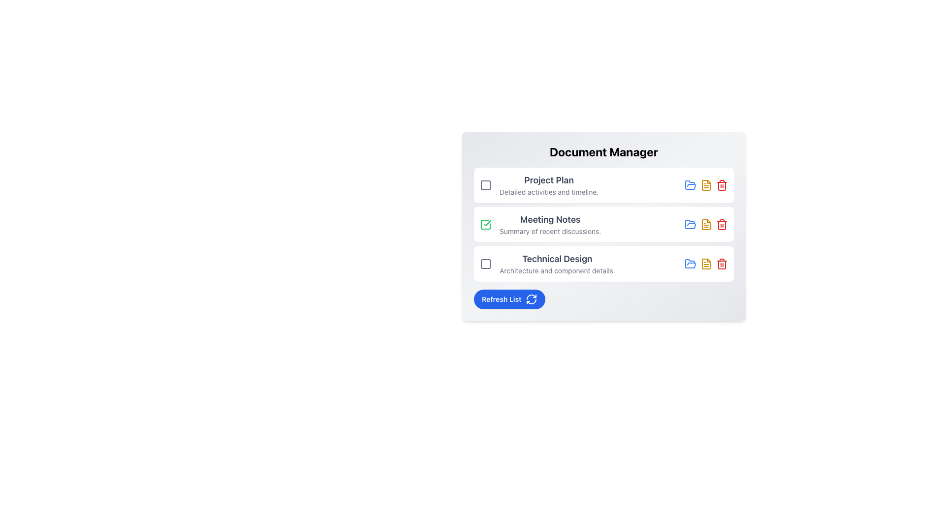 This screenshot has width=945, height=531. What do you see at coordinates (706, 263) in the screenshot?
I see `the yellow document icon, which is the second icon in a row of three on the far right of the third item in the vertical list layout` at bounding box center [706, 263].